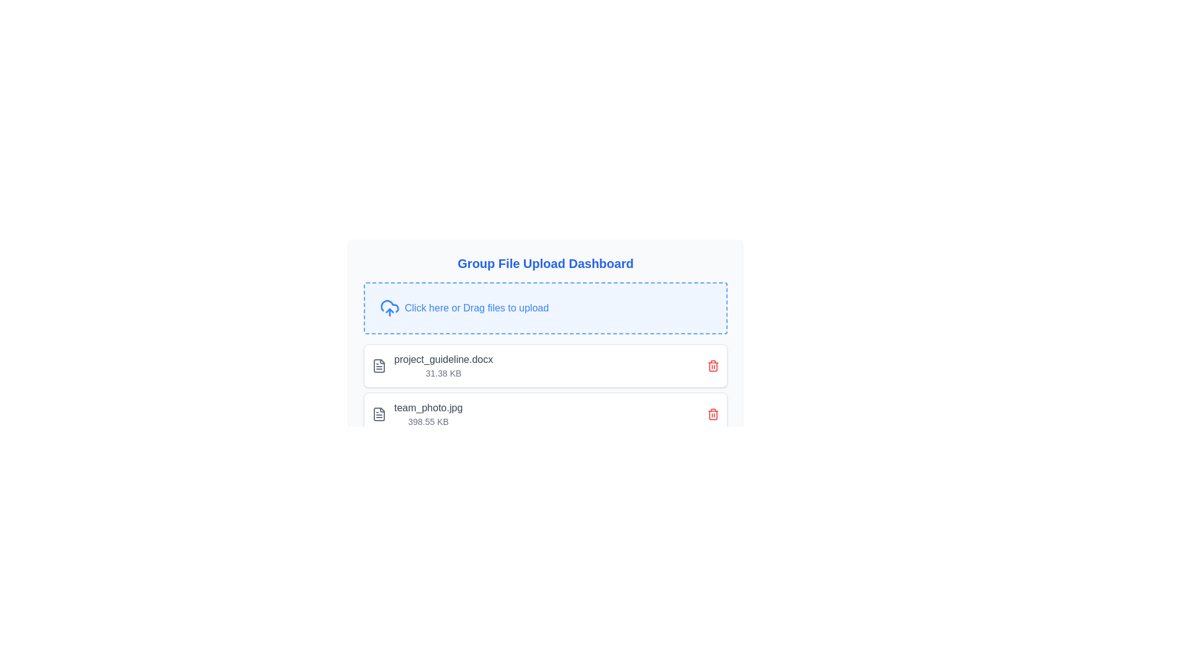 This screenshot has width=1192, height=670. I want to click on the file icon located to the left of the file name 'team_photo.jpg' and size '398.55 KB' in the file listing, so click(378, 414).